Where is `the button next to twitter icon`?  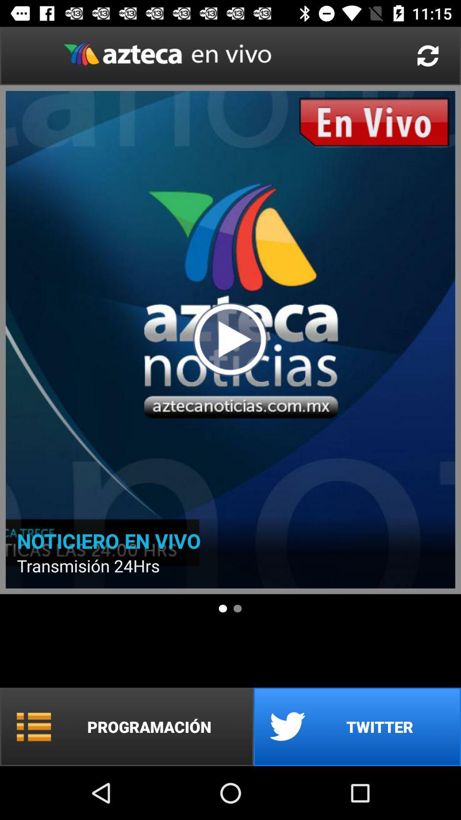 the button next to twitter icon is located at coordinates (127, 726).